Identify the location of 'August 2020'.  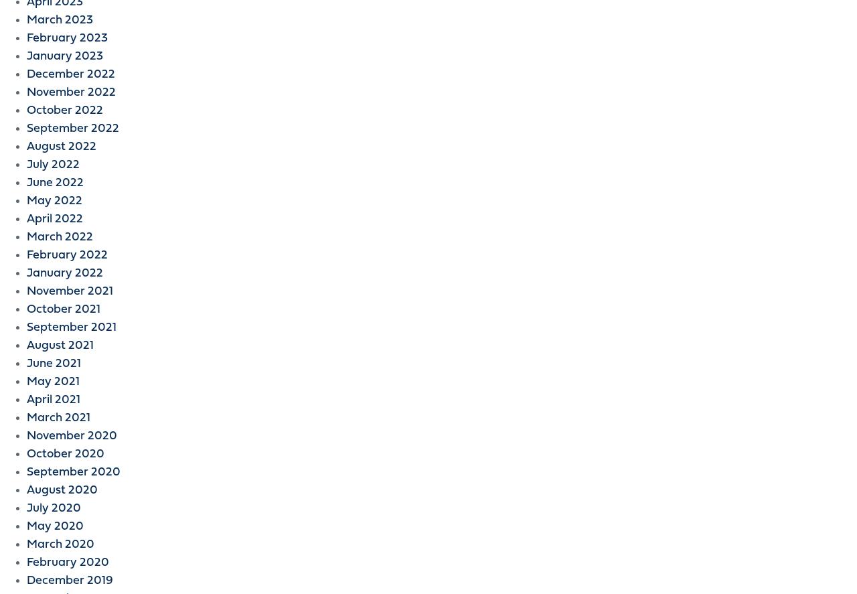
(62, 490).